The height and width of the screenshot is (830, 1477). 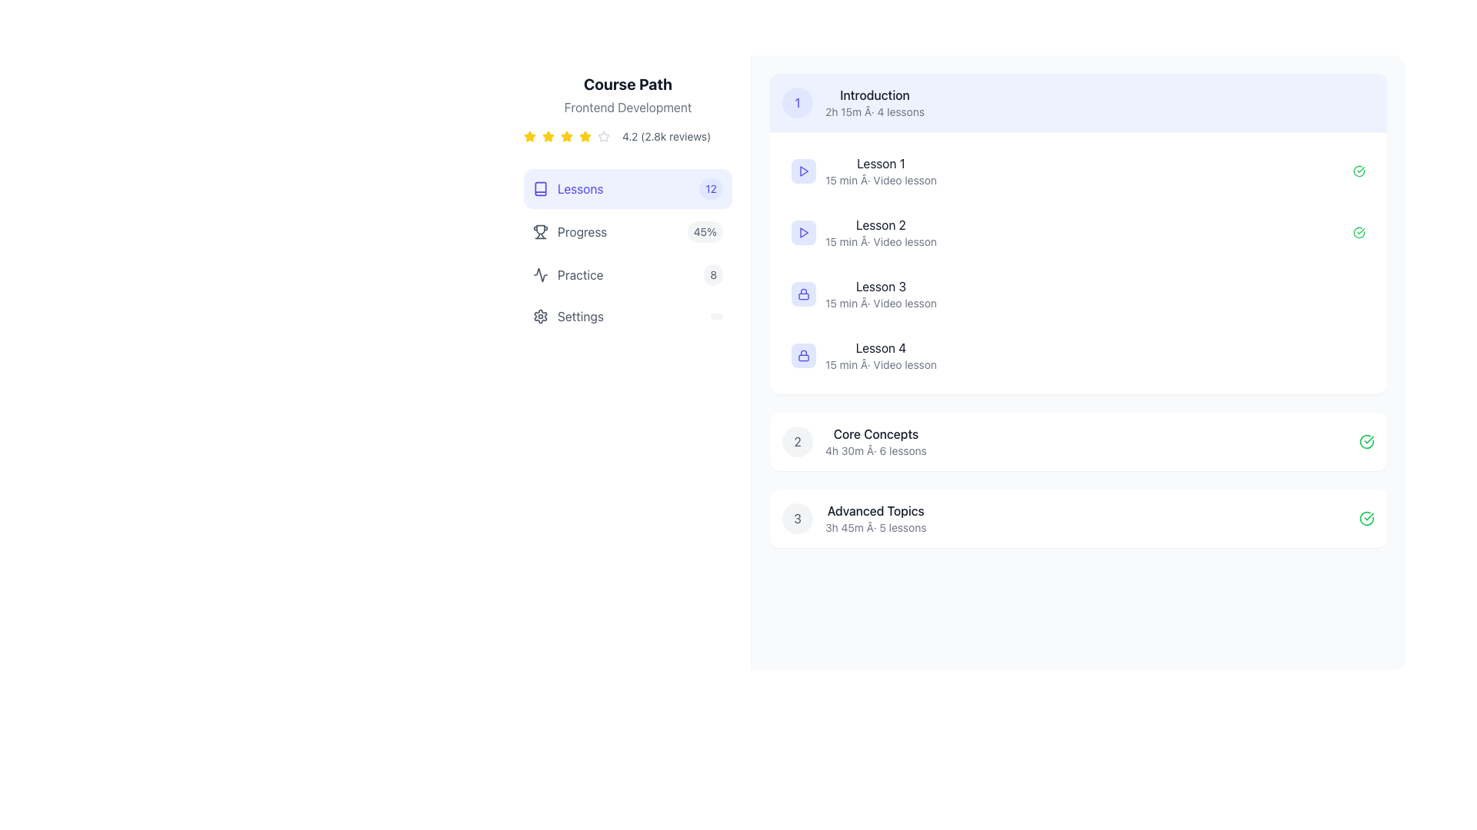 I want to click on the small oscillating waveform icon in the sidebar navigation menu, so click(x=540, y=274).